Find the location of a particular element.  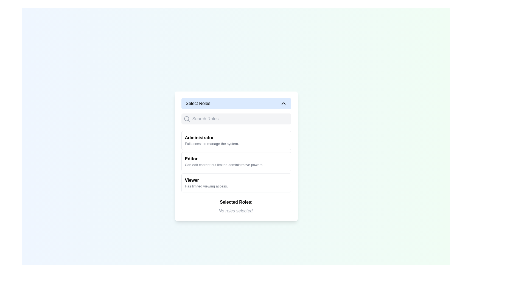

the Dropdown toggle button located above the 'Search Roles' input field is located at coordinates (236, 104).